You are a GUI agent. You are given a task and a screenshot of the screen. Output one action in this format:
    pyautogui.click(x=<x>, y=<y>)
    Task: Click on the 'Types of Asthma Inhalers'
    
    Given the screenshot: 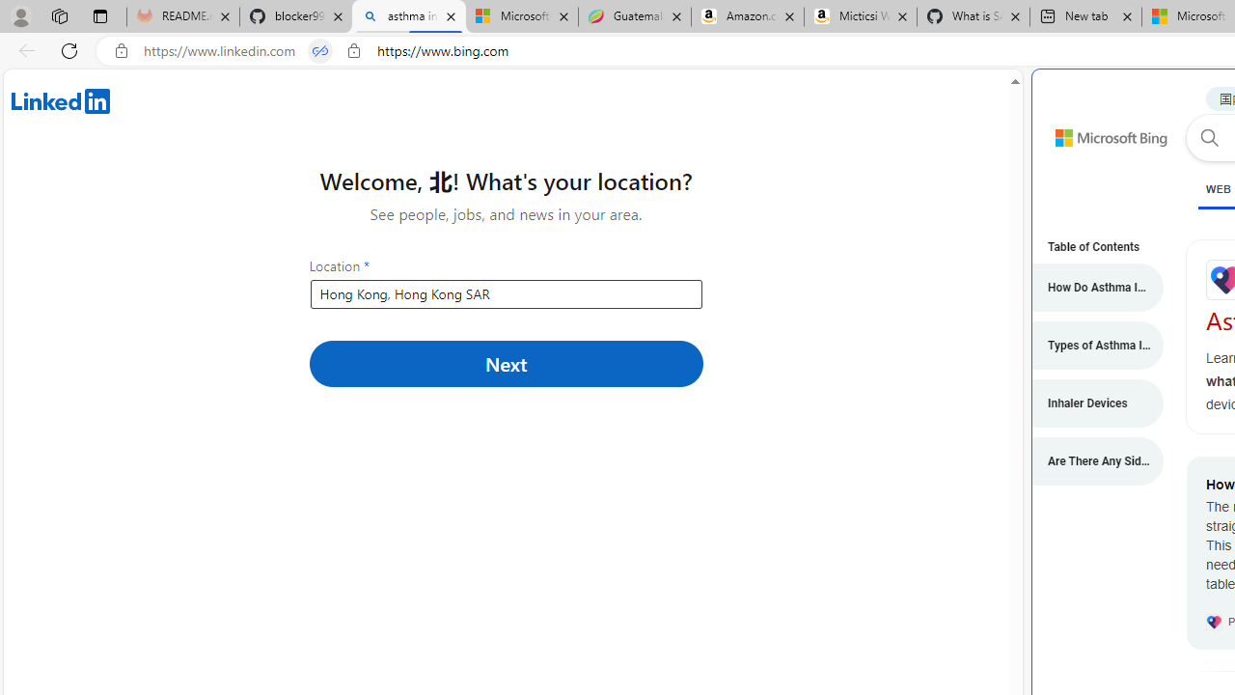 What is the action you would take?
    pyautogui.click(x=1087, y=344)
    